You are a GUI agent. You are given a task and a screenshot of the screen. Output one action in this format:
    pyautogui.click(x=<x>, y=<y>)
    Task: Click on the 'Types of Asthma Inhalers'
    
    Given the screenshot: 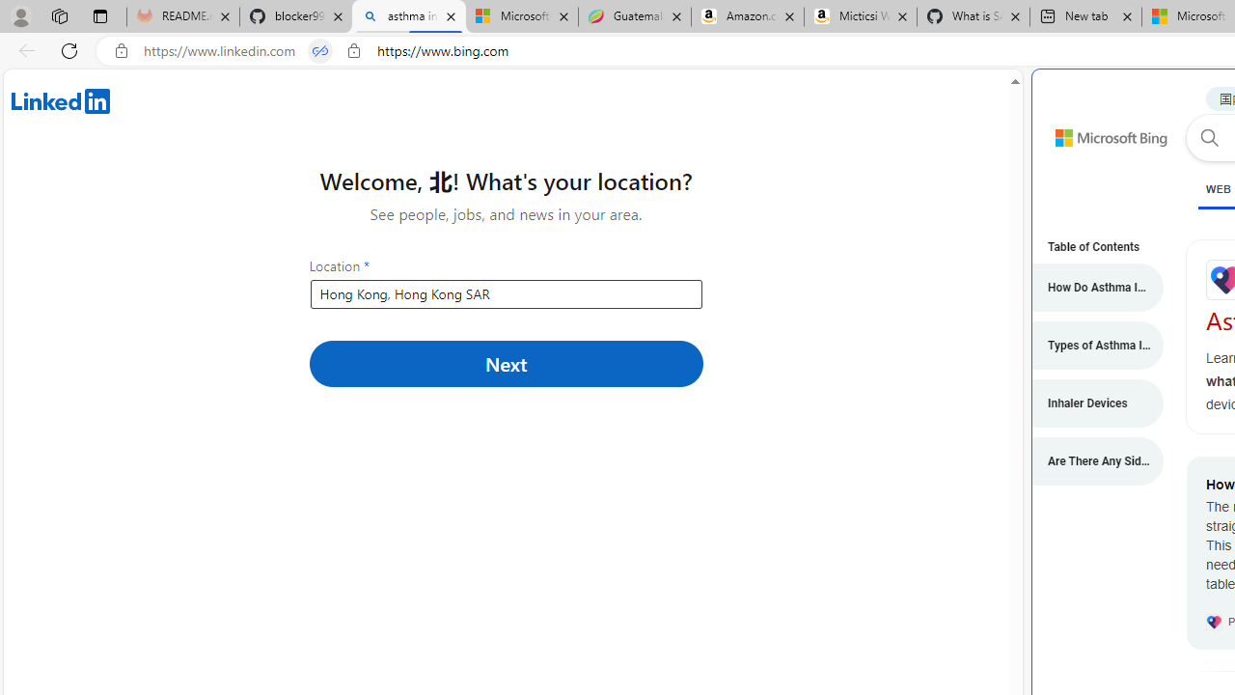 What is the action you would take?
    pyautogui.click(x=1087, y=344)
    